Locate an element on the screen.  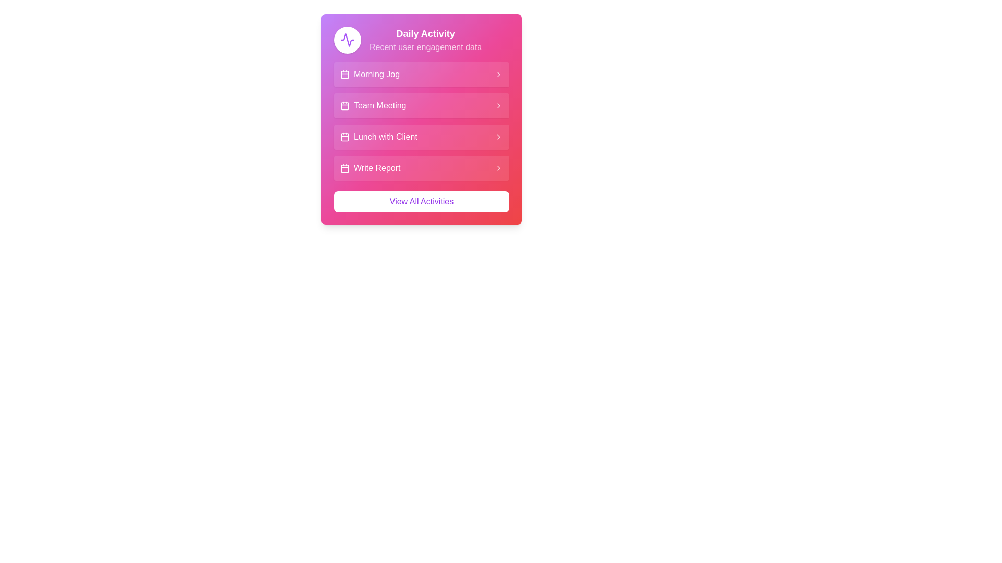
the calendar icon representing the 'Lunch with Client' activity, located to the left of the activity text is located at coordinates (345, 136).